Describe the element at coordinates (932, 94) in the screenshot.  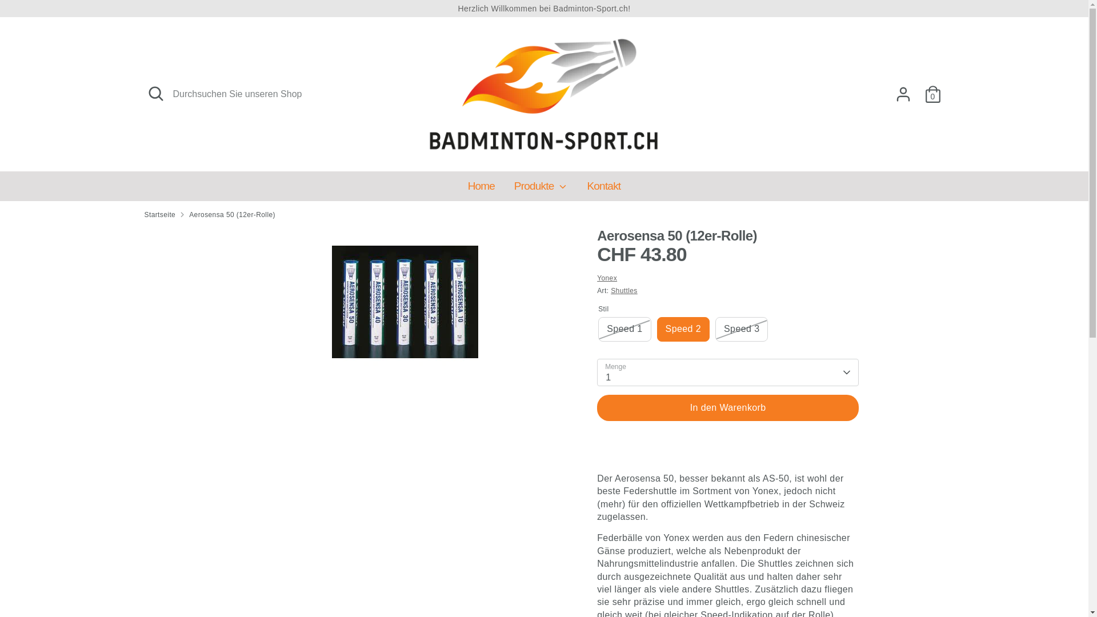
I see `'0'` at that location.